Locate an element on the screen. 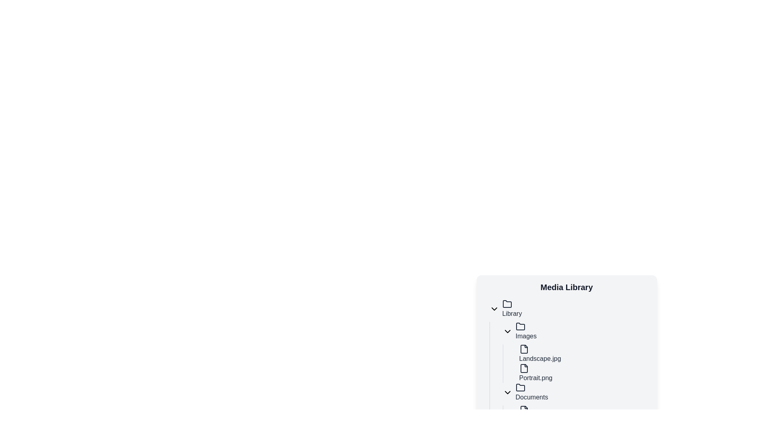  the folder icon representing the 'Library' section is located at coordinates (506, 304).